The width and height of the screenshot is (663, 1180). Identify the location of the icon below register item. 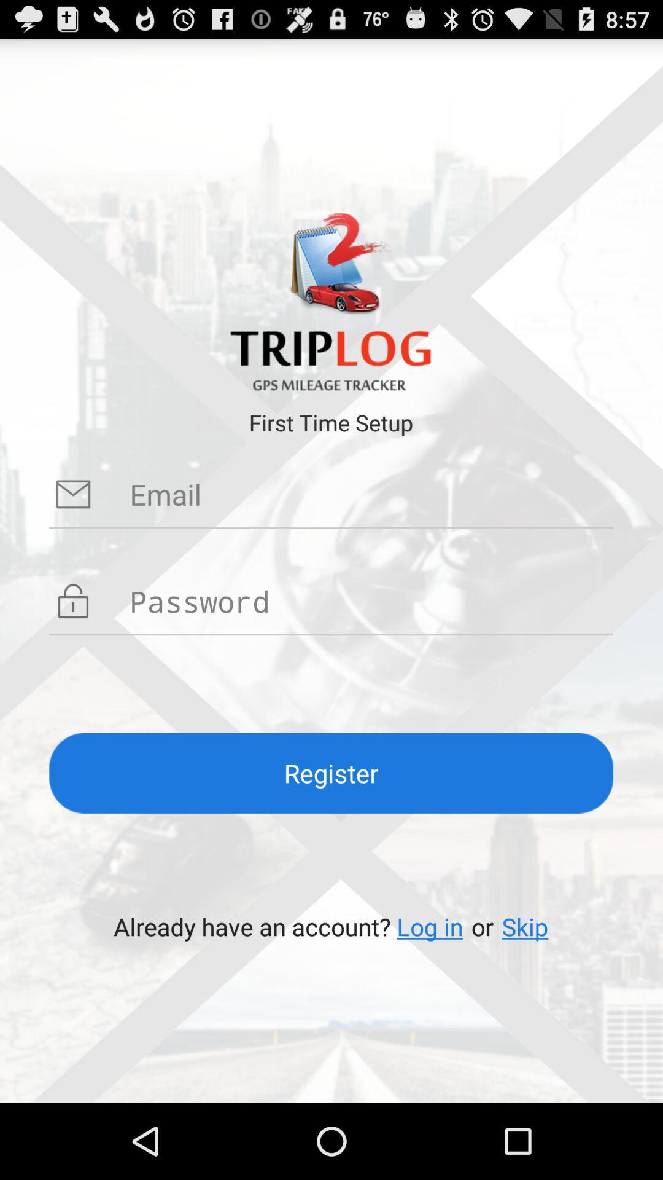
(429, 926).